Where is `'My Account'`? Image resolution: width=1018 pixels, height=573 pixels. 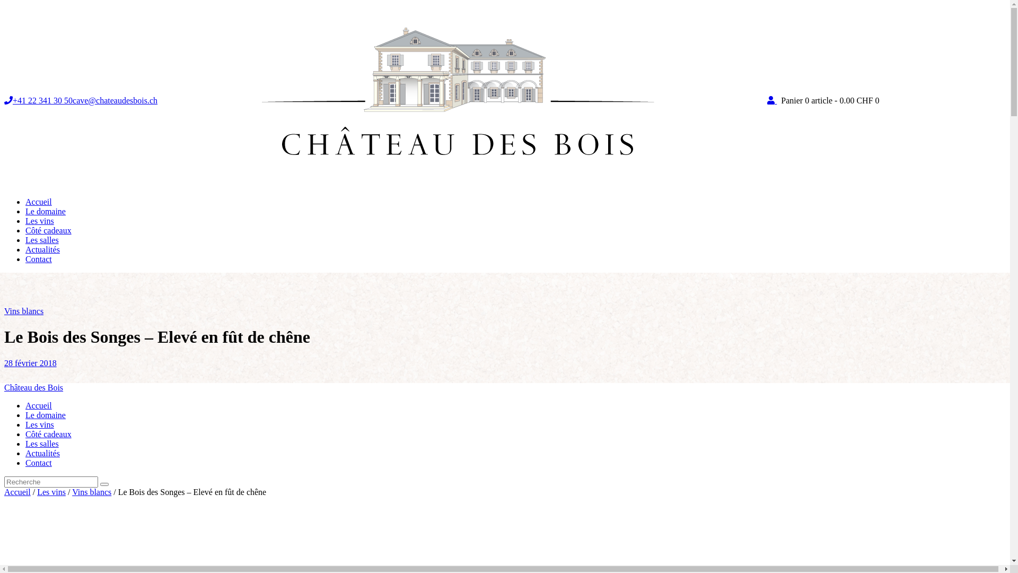 'My Account' is located at coordinates (771, 100).